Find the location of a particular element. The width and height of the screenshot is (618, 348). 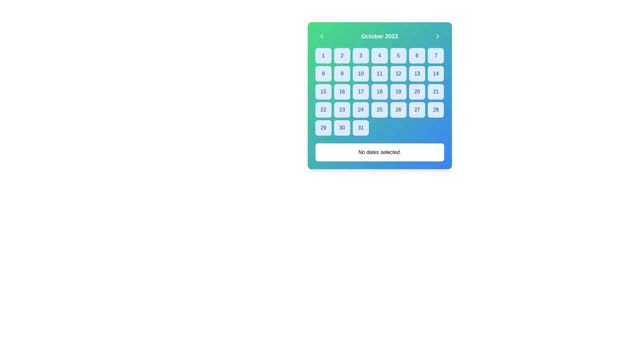

the button representing the 19th day of the month in the calendar interface is located at coordinates (398, 92).